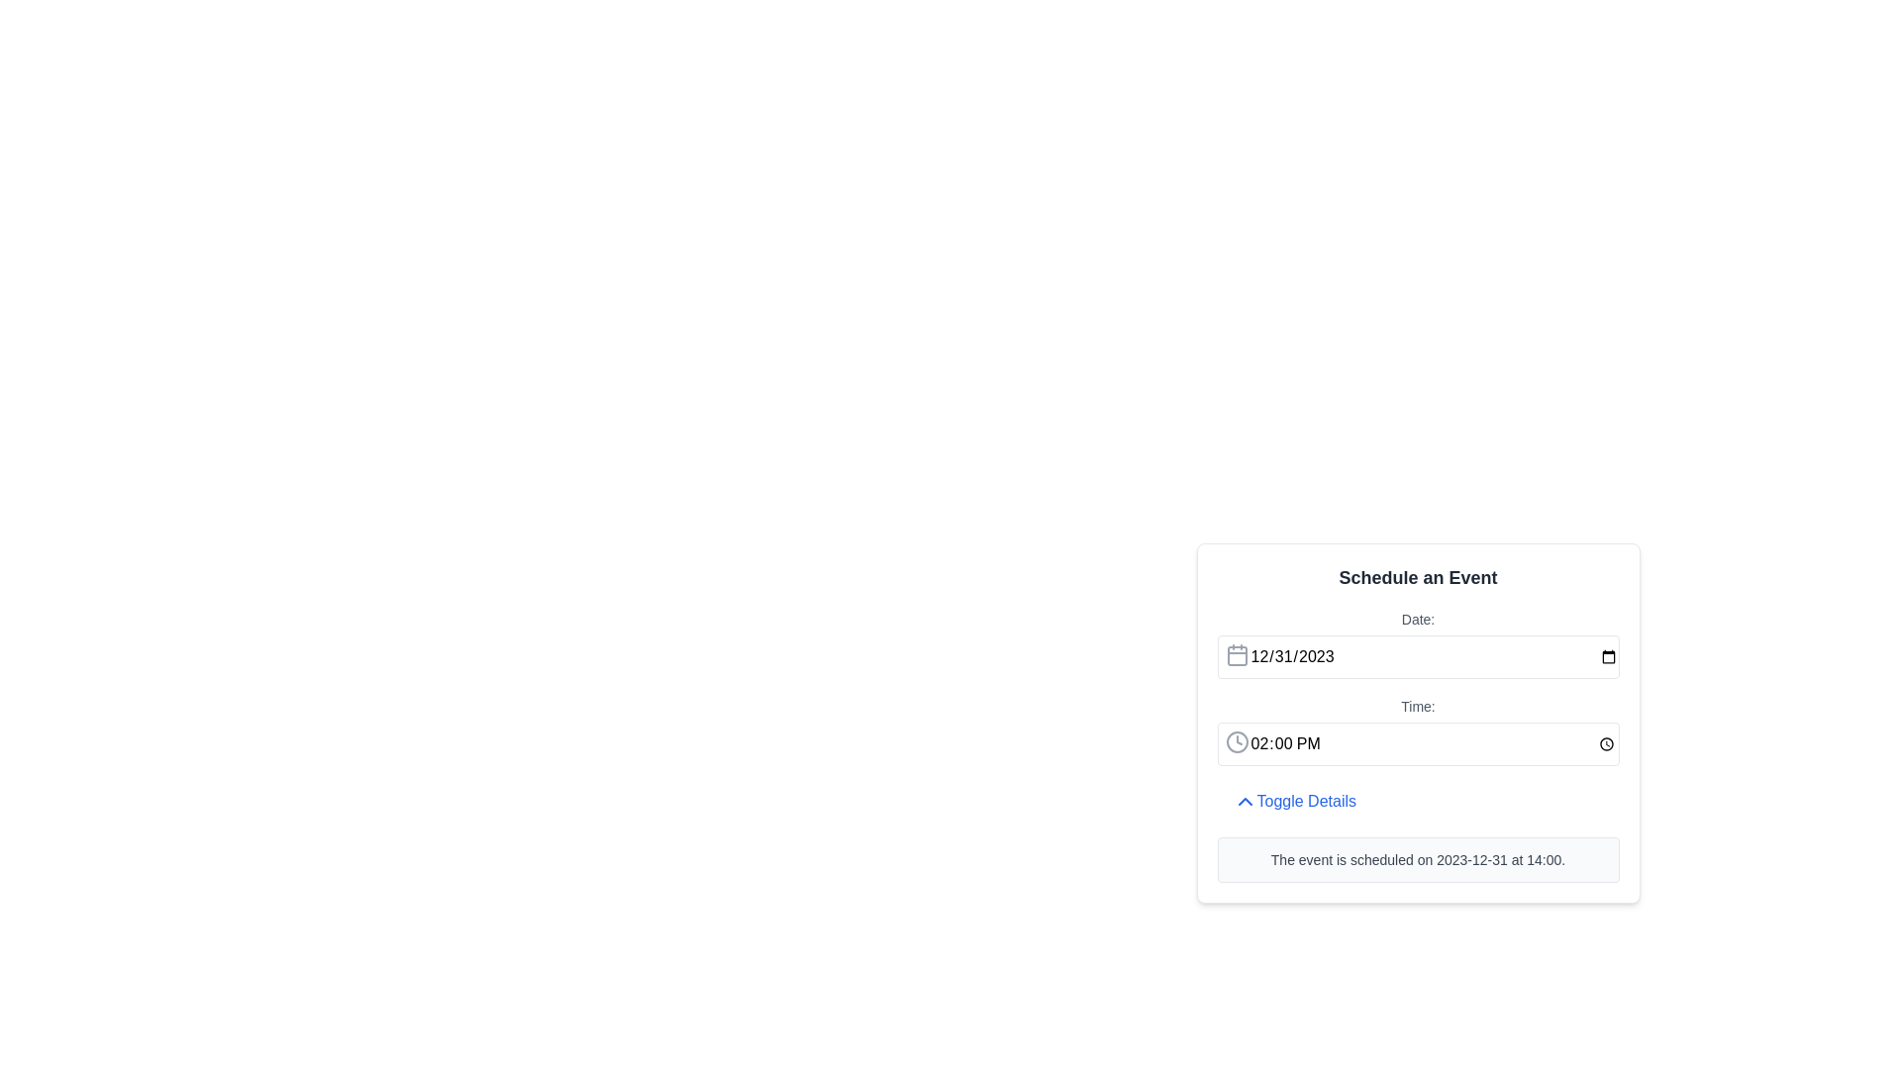 Image resolution: width=1901 pixels, height=1069 pixels. What do you see at coordinates (1417, 858) in the screenshot?
I see `the text block that provides information about the scheduled event, positioned below the 'Toggle Details' button` at bounding box center [1417, 858].